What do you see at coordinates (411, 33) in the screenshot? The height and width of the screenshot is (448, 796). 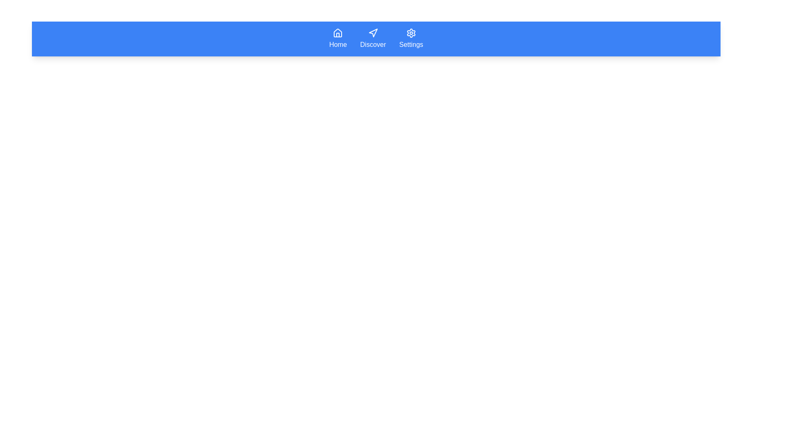 I see `the Settings icon located in the navigation bar at the top of the interface` at bounding box center [411, 33].